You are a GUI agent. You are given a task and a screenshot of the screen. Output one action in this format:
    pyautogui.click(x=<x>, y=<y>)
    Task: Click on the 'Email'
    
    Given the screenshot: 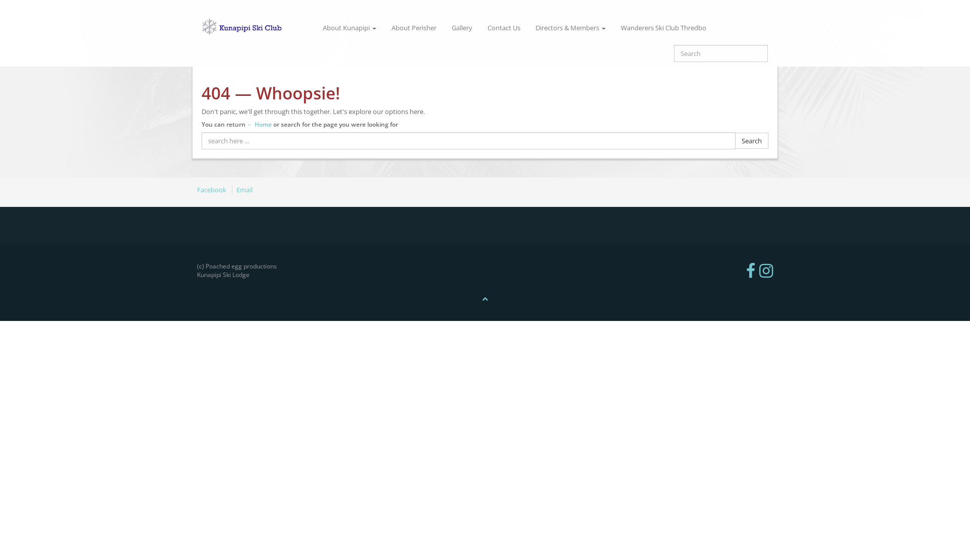 What is the action you would take?
    pyautogui.click(x=231, y=189)
    